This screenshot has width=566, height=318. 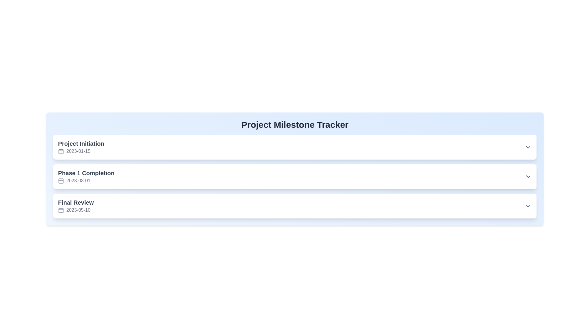 What do you see at coordinates (78, 210) in the screenshot?
I see `date information displayed in the text label showing '2023-05-10', which is styled in gray font and located next to a calendar icon within the 'Final Review' section` at bounding box center [78, 210].